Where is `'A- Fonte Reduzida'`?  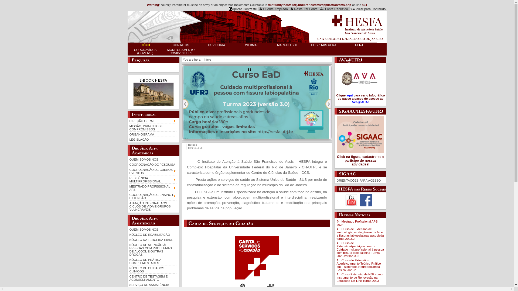
'A- Fonte Reduzida' is located at coordinates (334, 9).